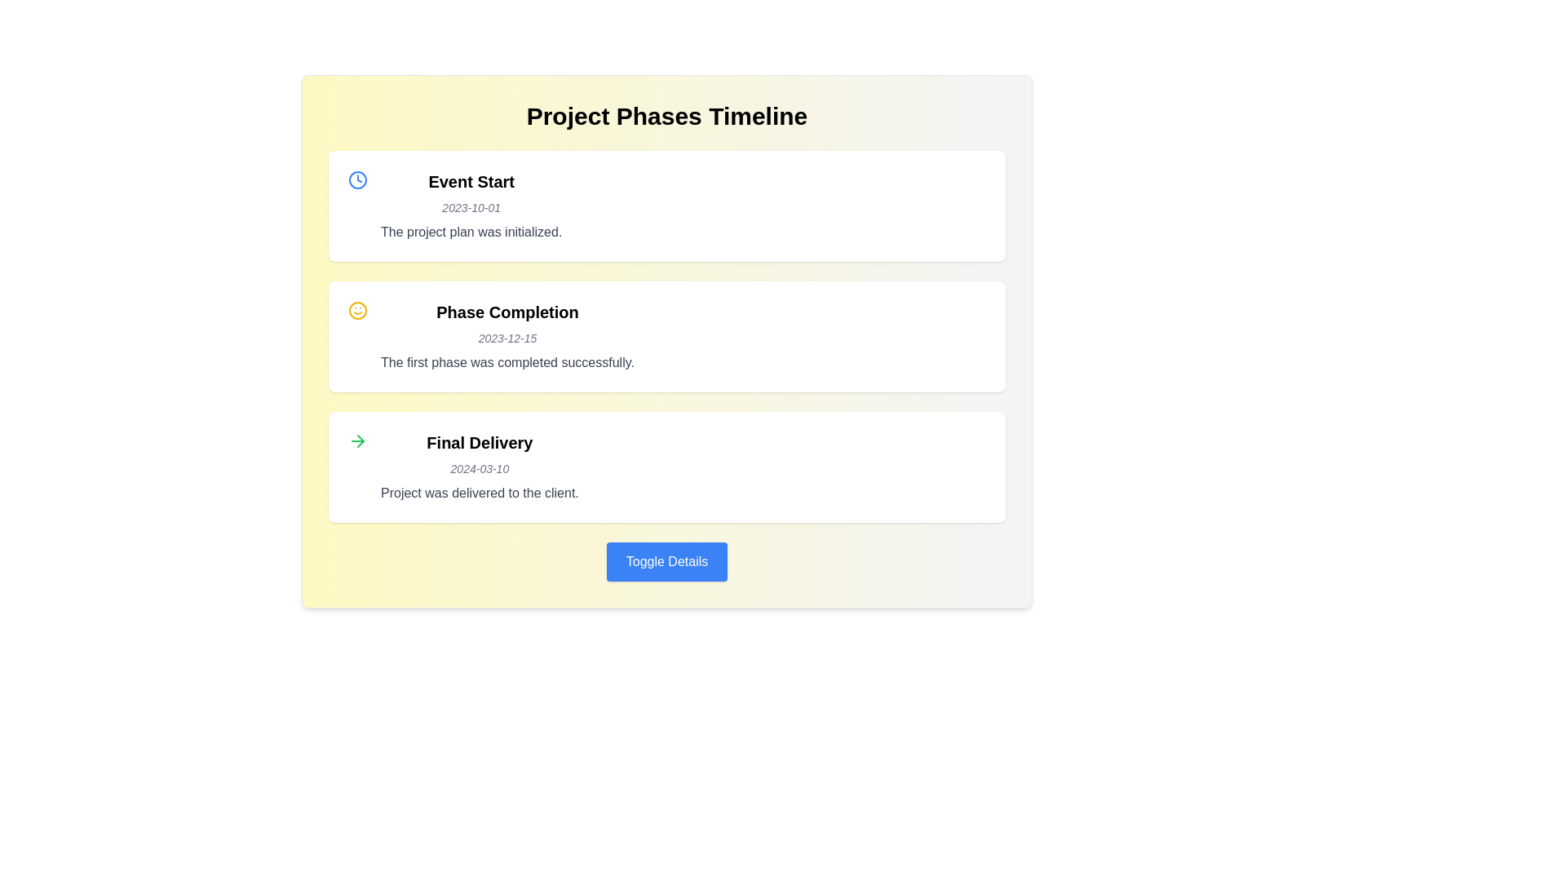  What do you see at coordinates (507, 338) in the screenshot?
I see `the text displaying the date '2023-12-15' located within the 'Phase Completion' card` at bounding box center [507, 338].